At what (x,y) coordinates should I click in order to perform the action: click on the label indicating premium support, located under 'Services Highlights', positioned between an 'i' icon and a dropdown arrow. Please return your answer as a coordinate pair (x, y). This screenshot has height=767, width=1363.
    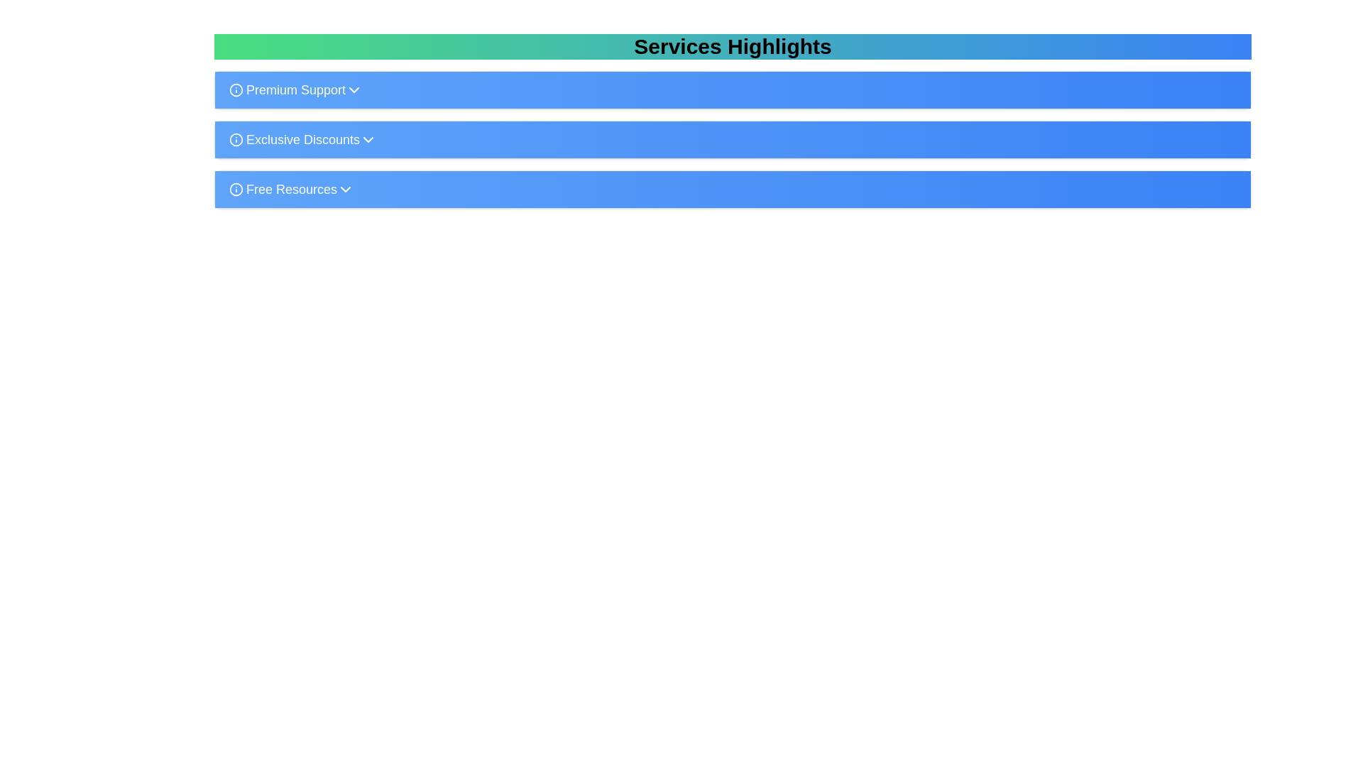
    Looking at the image, I should click on (295, 90).